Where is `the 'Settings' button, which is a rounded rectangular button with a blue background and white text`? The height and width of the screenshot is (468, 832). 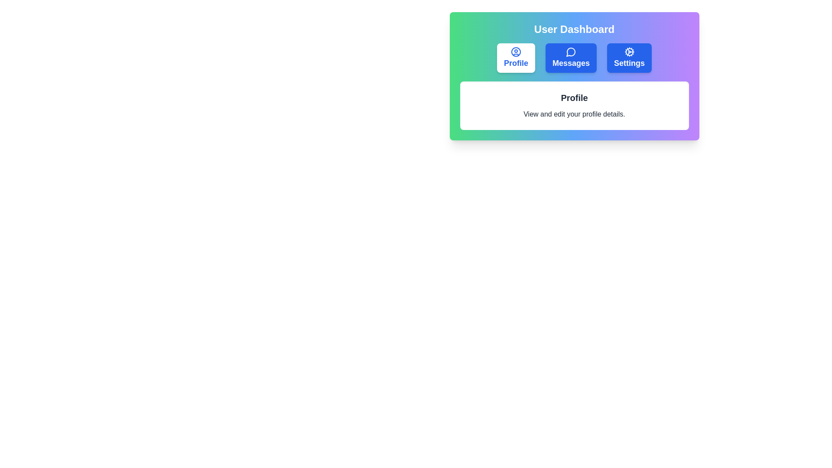 the 'Settings' button, which is a rounded rectangular button with a blue background and white text is located at coordinates (629, 58).